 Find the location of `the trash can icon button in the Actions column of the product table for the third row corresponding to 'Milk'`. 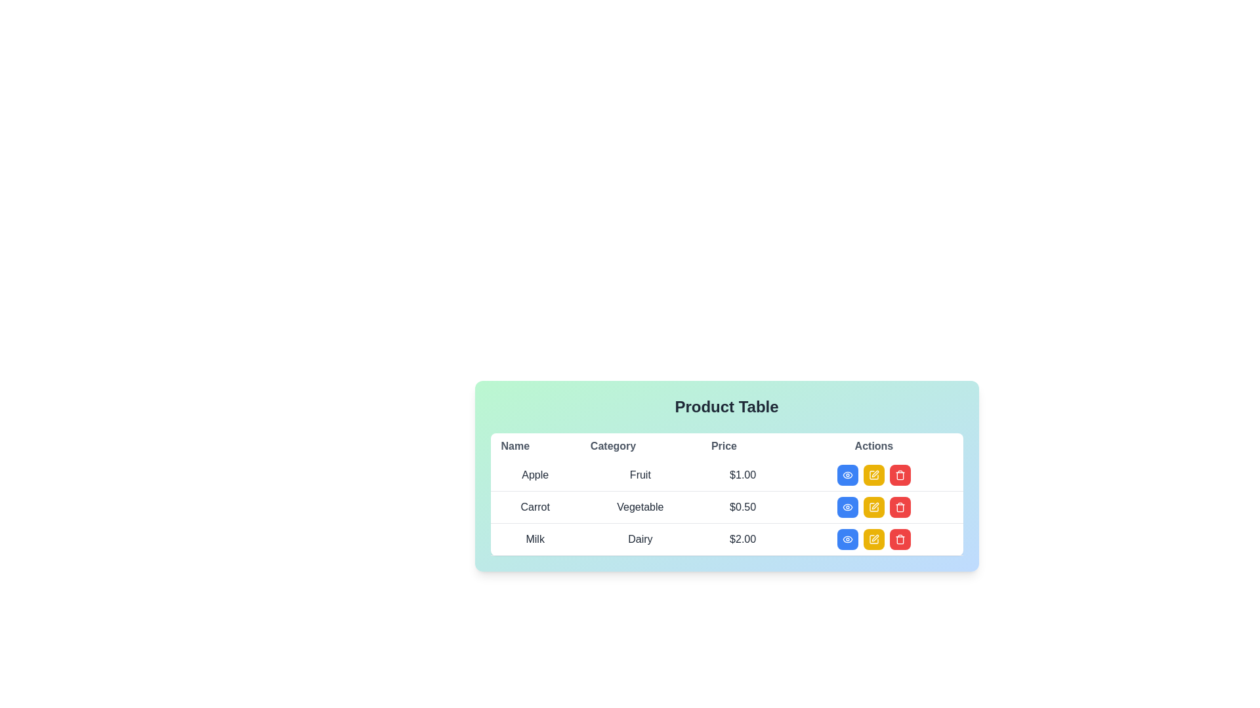

the trash can icon button in the Actions column of the product table for the third row corresponding to 'Milk' is located at coordinates (899, 475).